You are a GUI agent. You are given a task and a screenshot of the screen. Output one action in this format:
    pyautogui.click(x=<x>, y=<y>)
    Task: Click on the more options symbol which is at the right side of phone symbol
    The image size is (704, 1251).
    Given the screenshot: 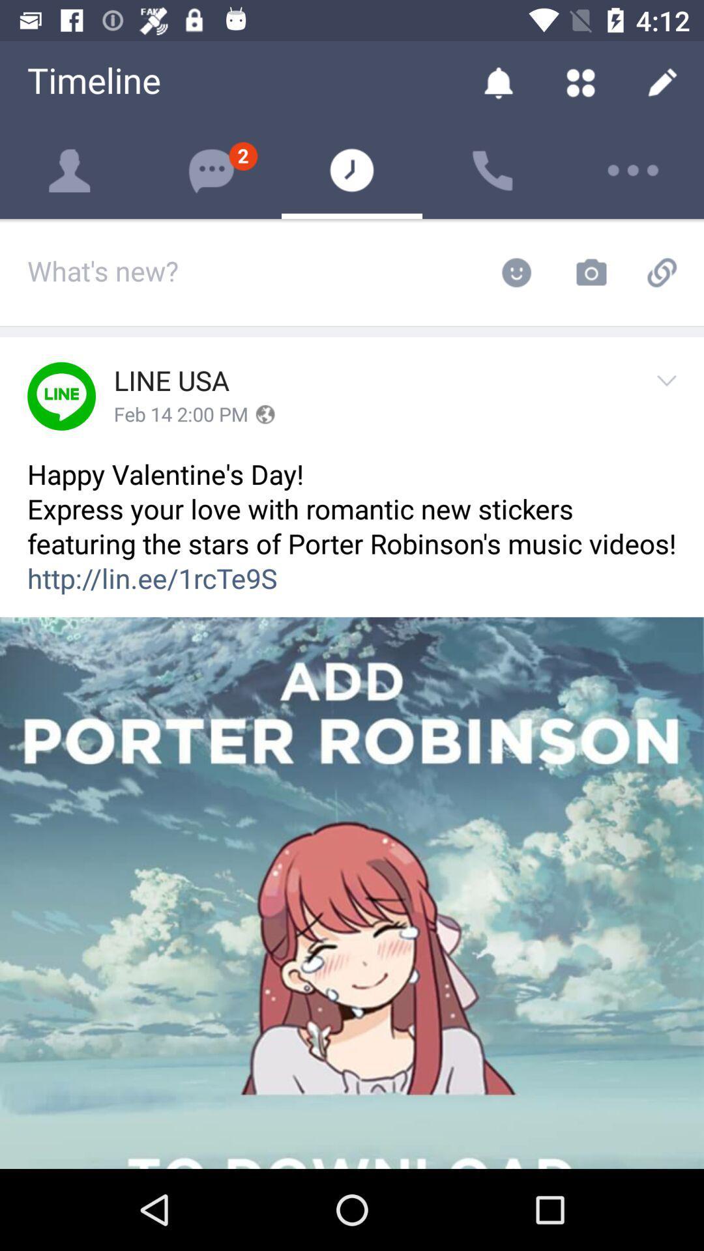 What is the action you would take?
    pyautogui.click(x=633, y=170)
    